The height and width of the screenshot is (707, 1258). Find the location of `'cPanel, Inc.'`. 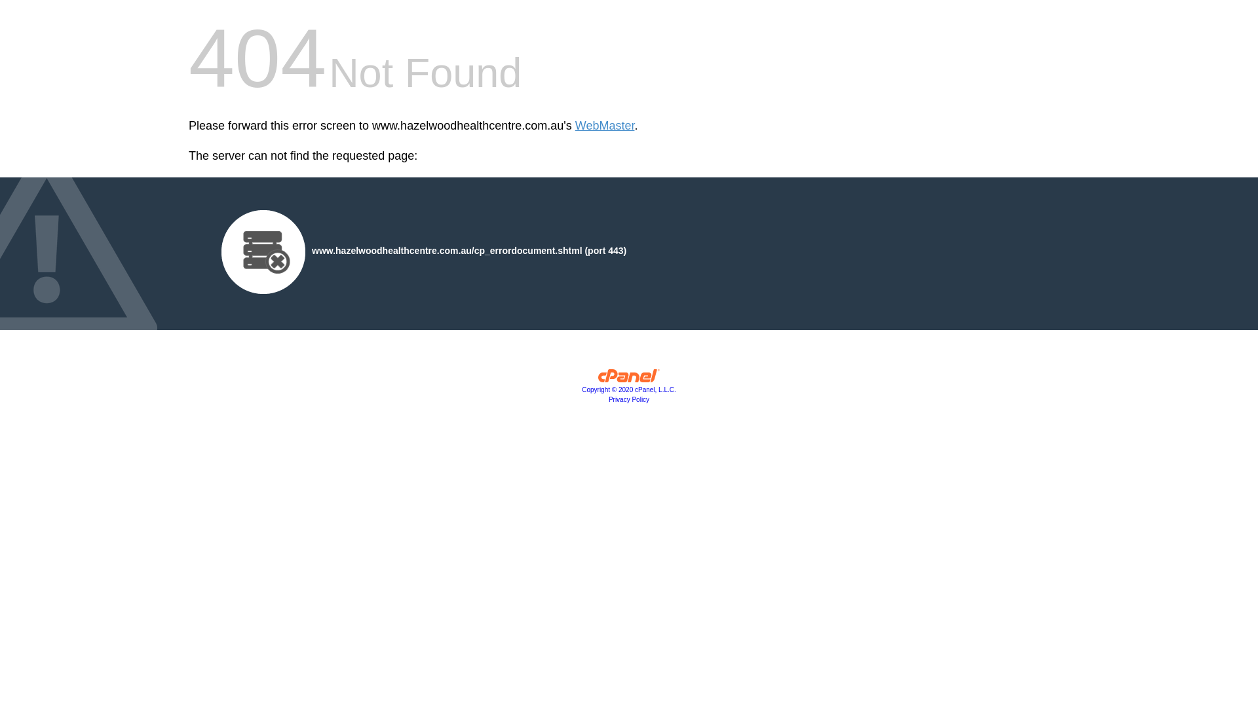

'cPanel, Inc.' is located at coordinates (629, 378).